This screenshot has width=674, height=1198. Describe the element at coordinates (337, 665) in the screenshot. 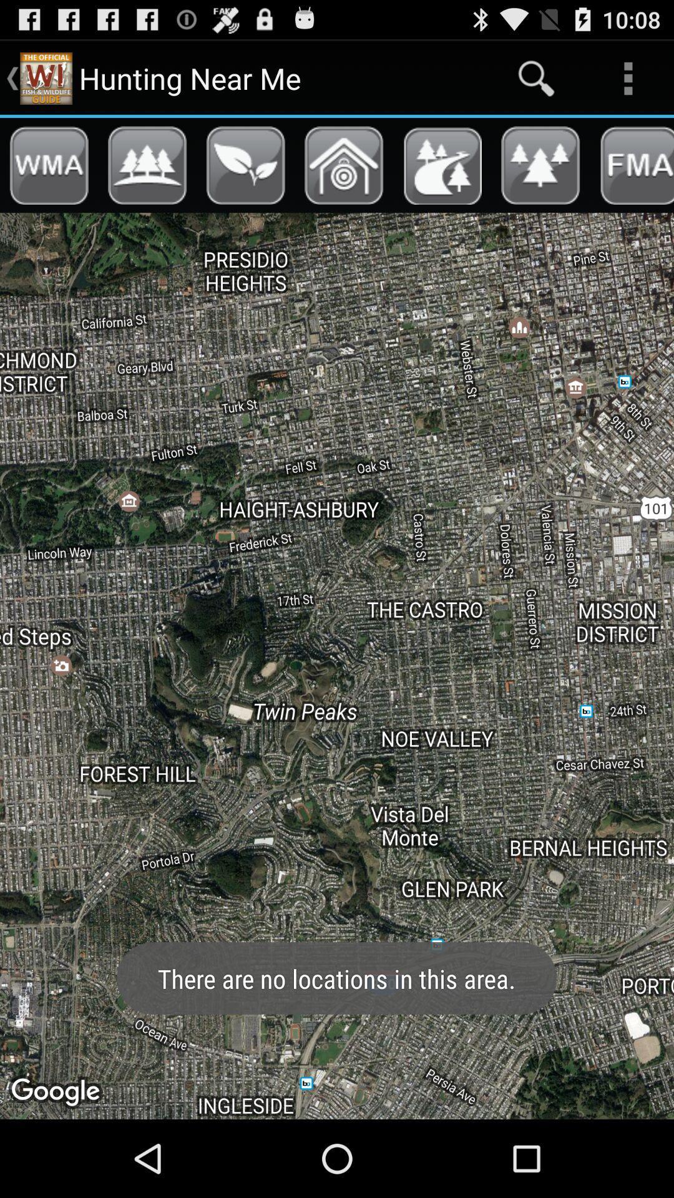

I see `item at the center` at that location.